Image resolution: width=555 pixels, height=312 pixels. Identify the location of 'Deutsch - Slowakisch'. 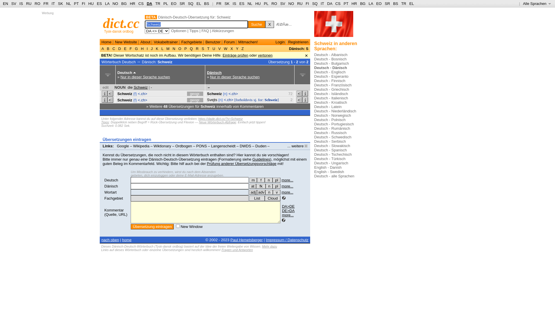
(332, 145).